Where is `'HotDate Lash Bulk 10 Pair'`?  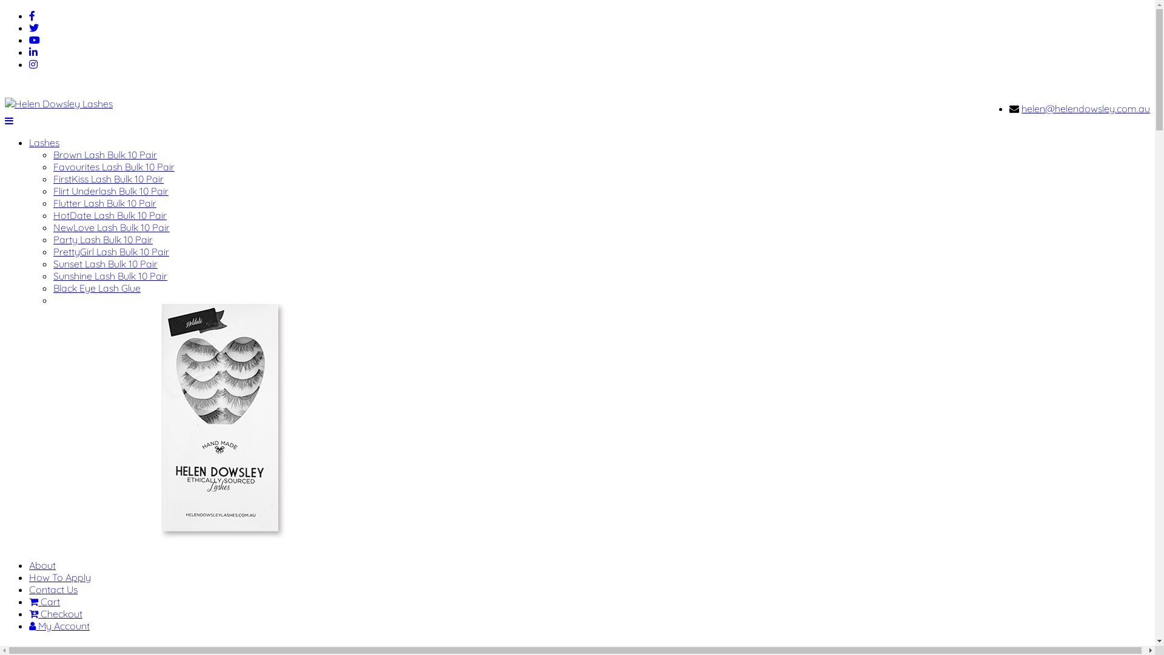 'HotDate Lash Bulk 10 Pair' is located at coordinates (110, 214).